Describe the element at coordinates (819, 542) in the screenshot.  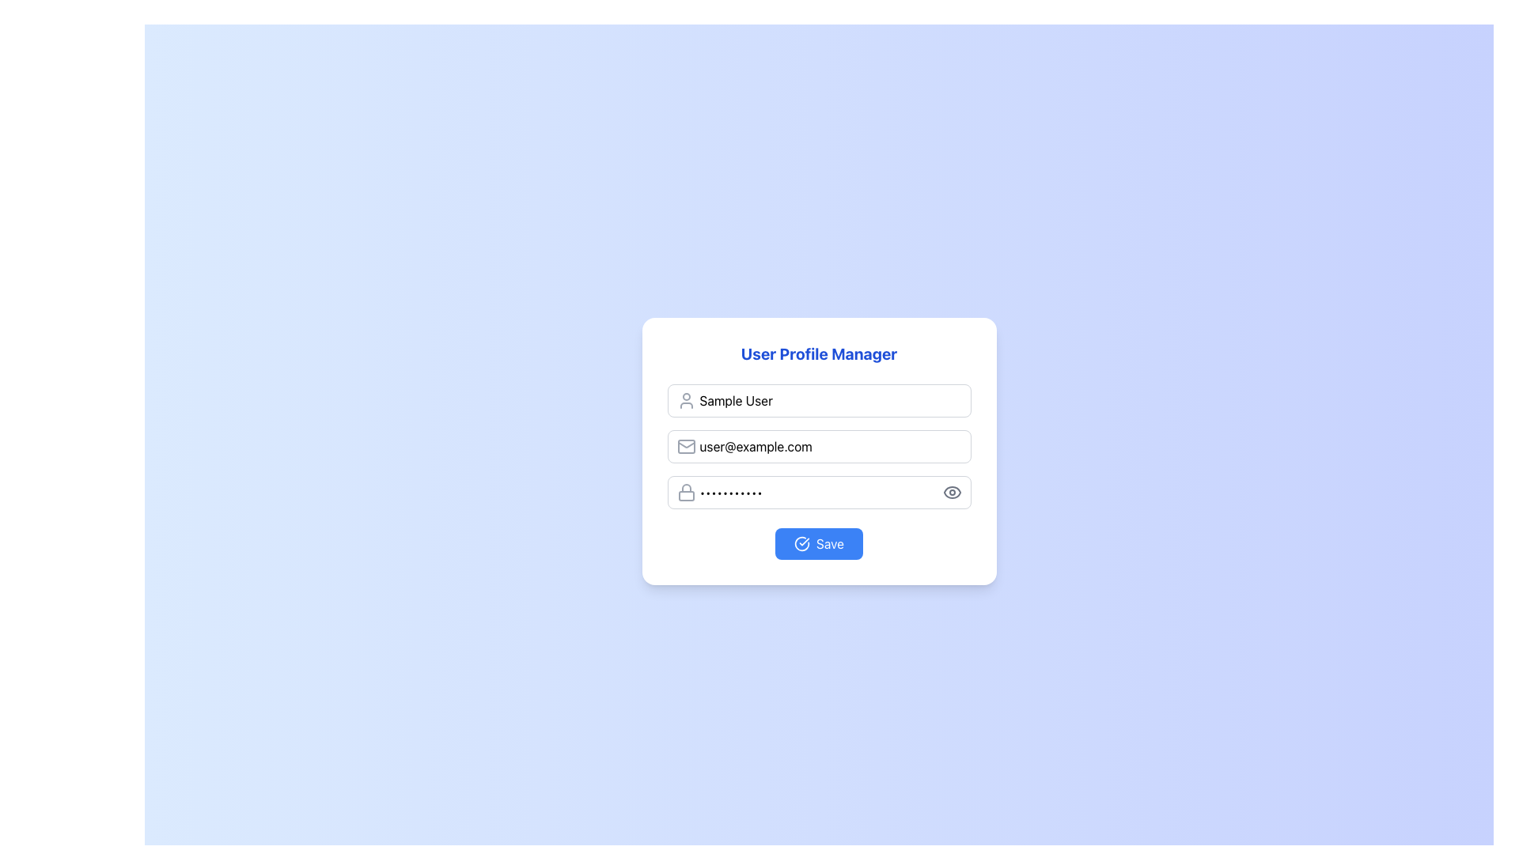
I see `the 'Save' button located at the bottom of the 'User Profile Manager' card` at that location.